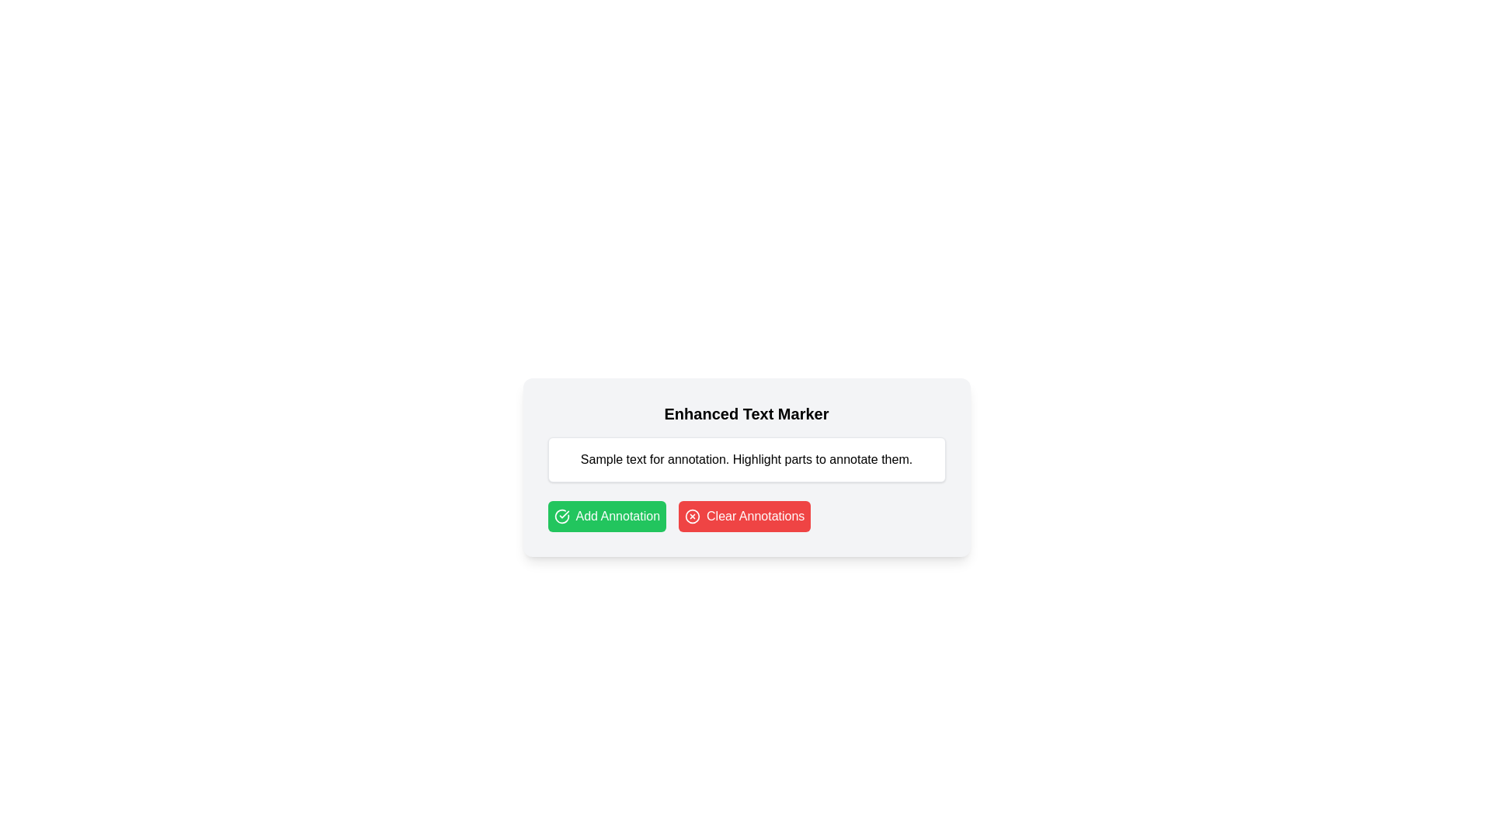 Image resolution: width=1491 pixels, height=839 pixels. What do you see at coordinates (858, 458) in the screenshot?
I see `the second 't' in the word 'annotate' which is part of the text 'Sample text for annotation. Highlight parts to annotate them.'` at bounding box center [858, 458].